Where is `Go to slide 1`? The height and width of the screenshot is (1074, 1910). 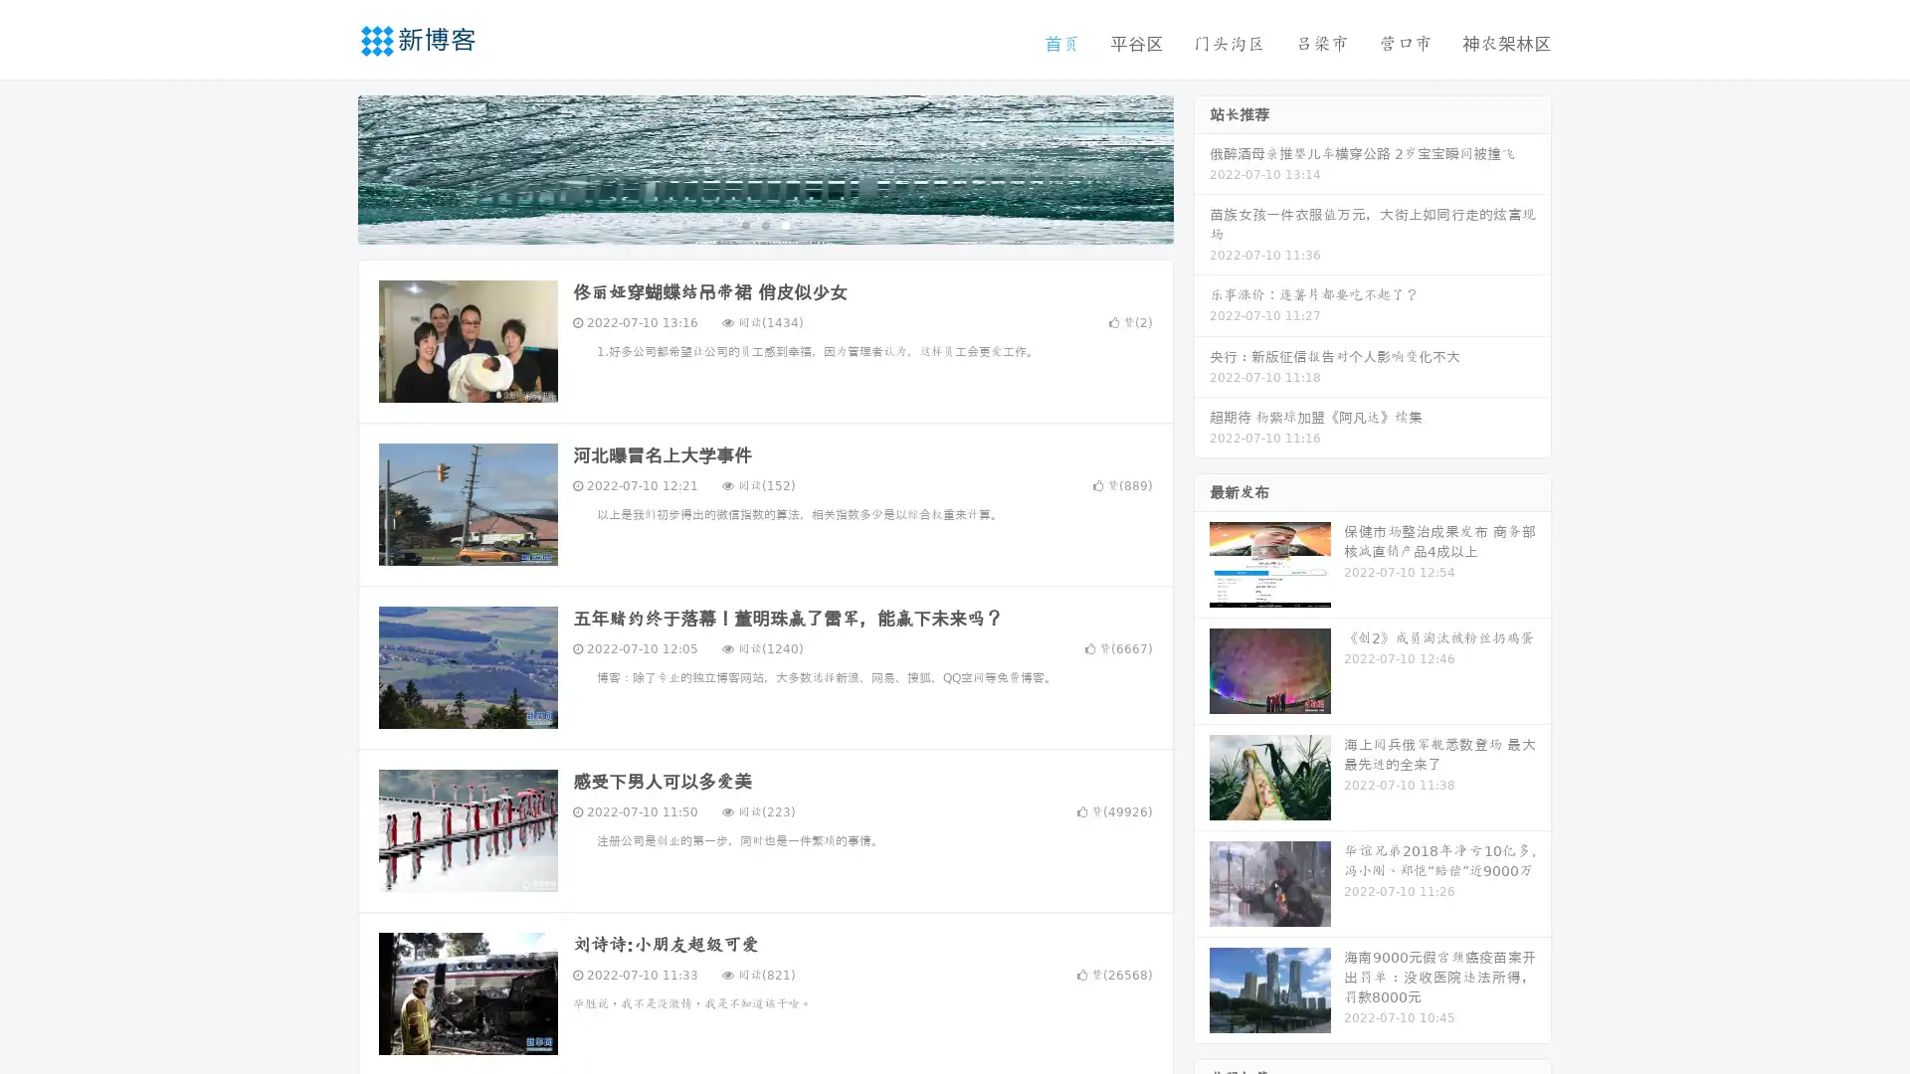
Go to slide 1 is located at coordinates (744, 224).